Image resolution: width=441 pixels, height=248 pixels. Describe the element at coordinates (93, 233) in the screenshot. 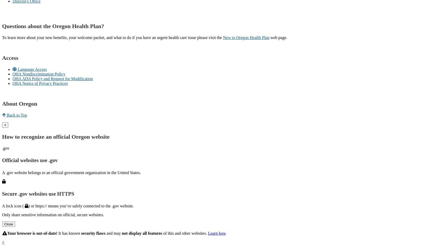

I see `'security flaws'` at that location.